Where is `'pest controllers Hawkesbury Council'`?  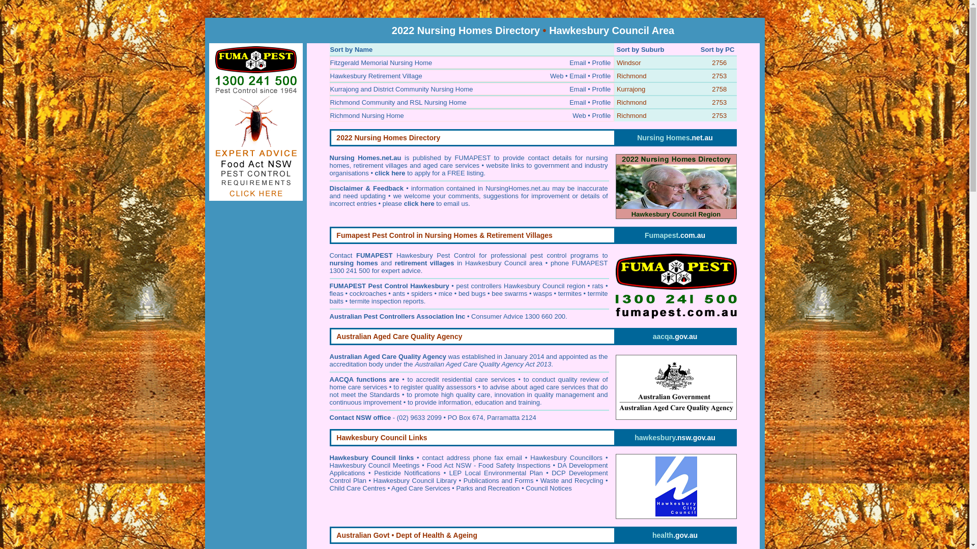 'pest controllers Hawkesbury Council' is located at coordinates (510, 286).